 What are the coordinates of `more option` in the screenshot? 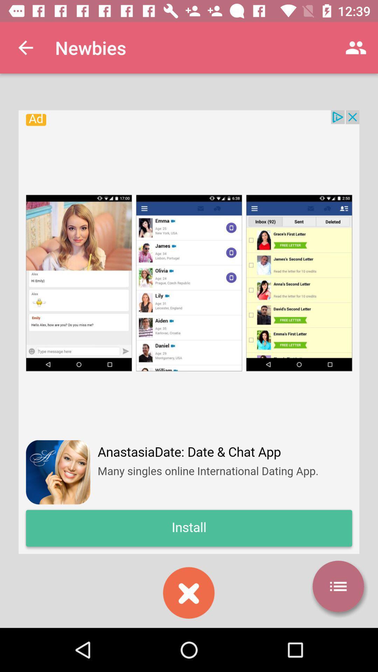 It's located at (338, 586).